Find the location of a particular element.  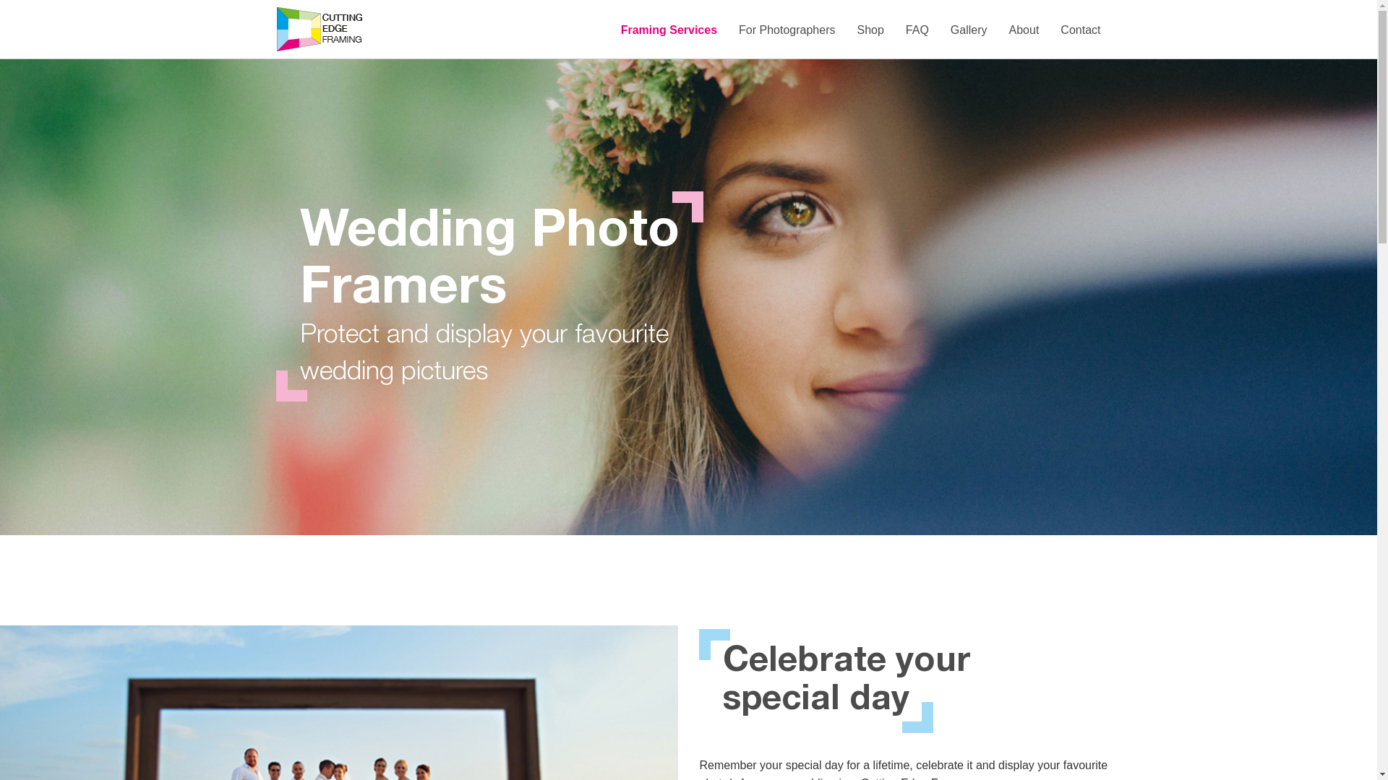

'Shop' is located at coordinates (869, 30).